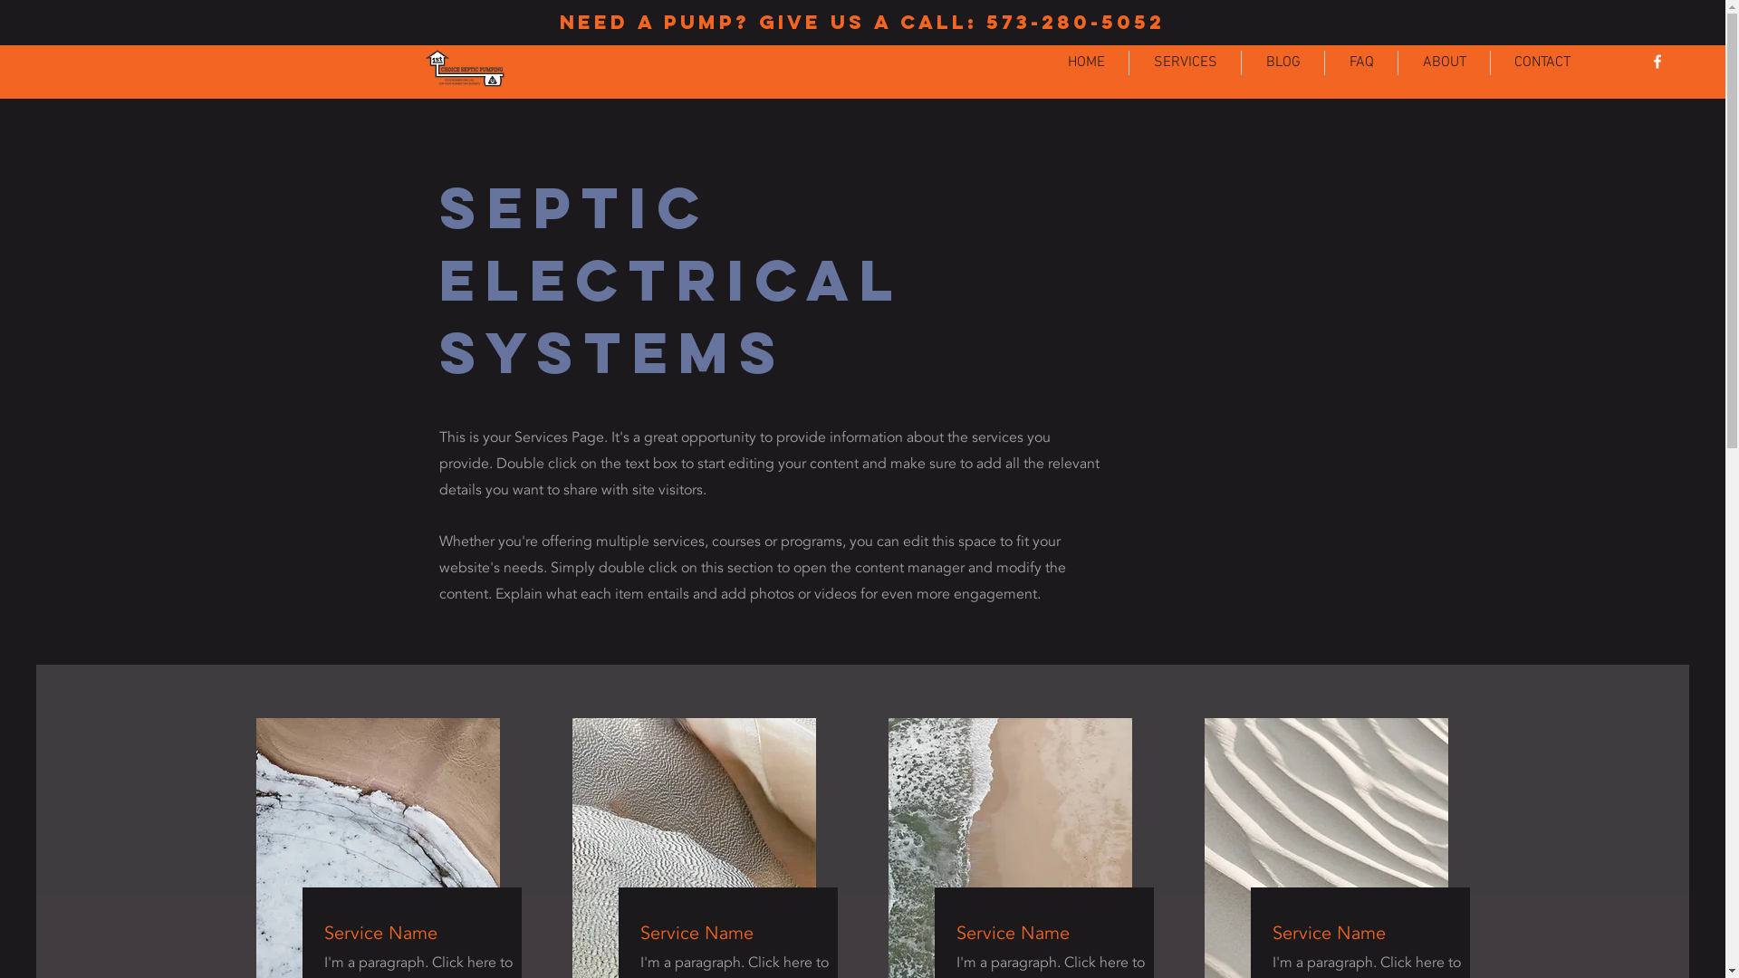 The image size is (1739, 978). I want to click on 'BLOG', so click(1282, 62).